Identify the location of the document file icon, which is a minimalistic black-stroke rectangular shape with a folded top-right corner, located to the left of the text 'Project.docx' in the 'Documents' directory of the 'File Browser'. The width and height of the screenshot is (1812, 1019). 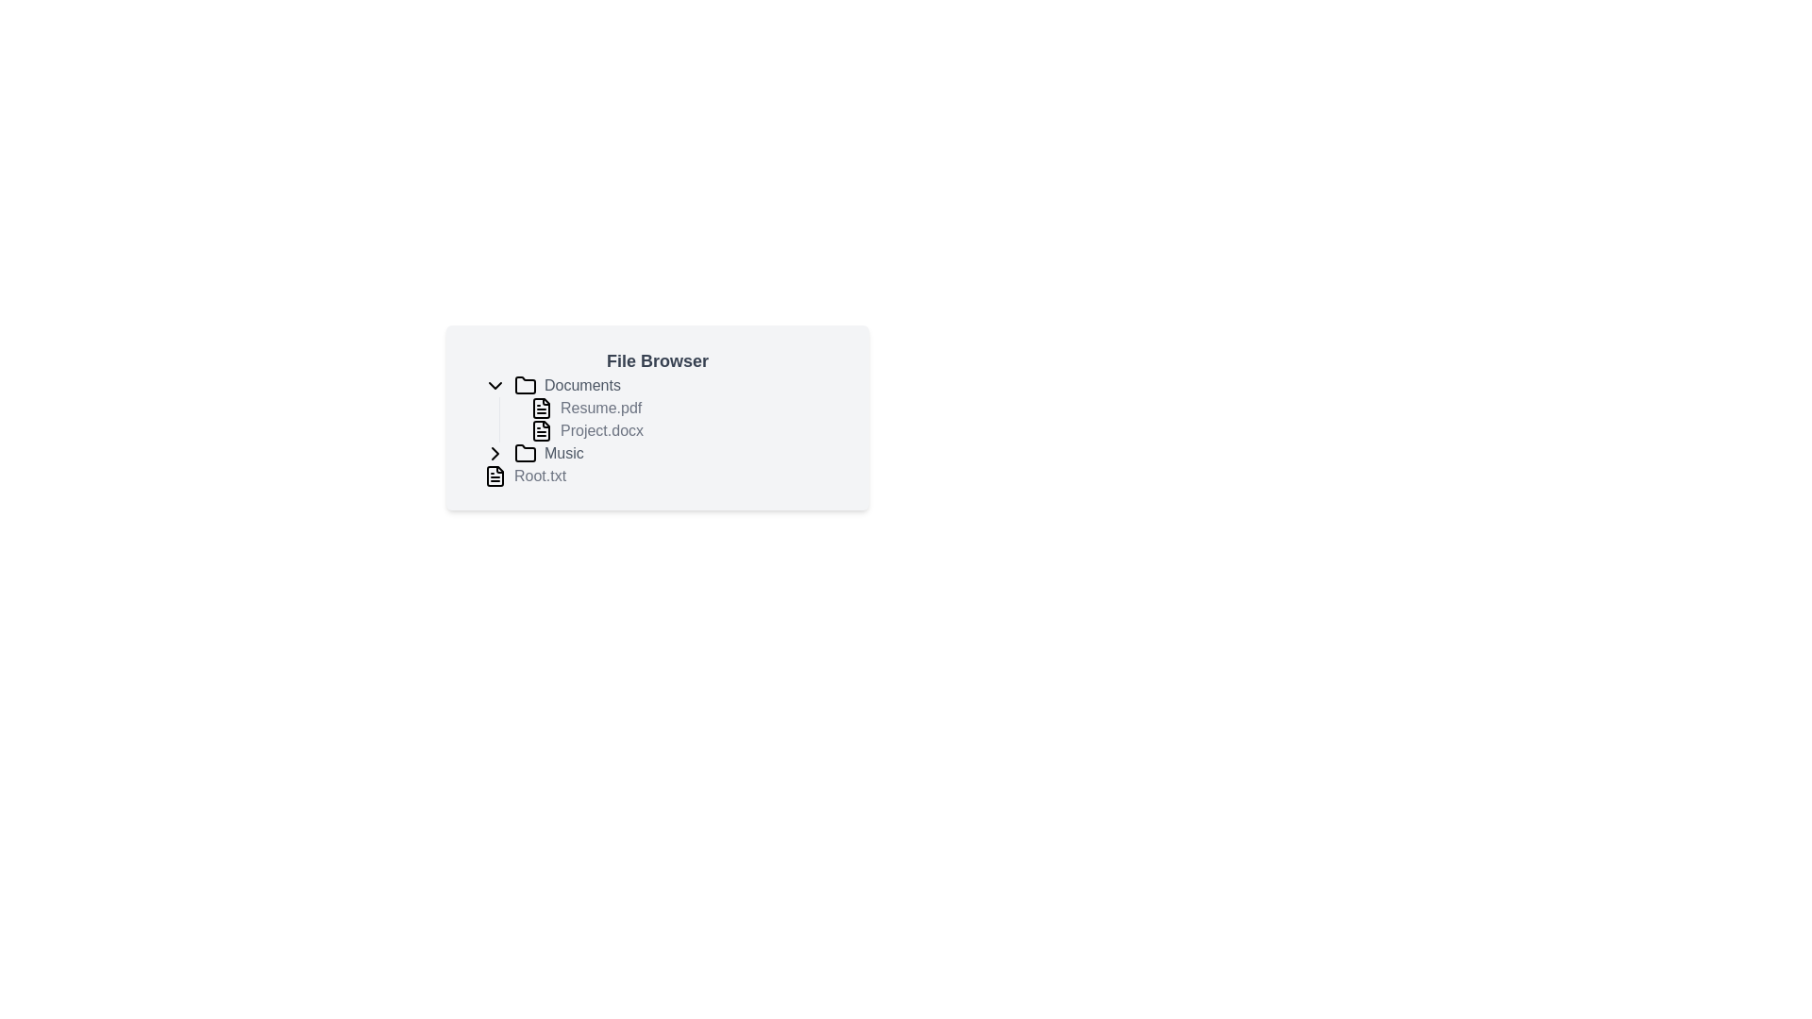
(541, 430).